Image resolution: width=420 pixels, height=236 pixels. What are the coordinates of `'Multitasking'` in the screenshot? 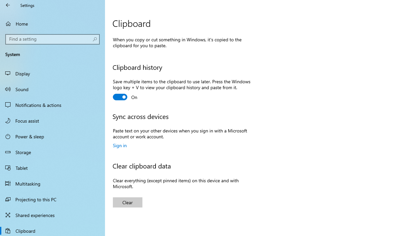 It's located at (52, 183).